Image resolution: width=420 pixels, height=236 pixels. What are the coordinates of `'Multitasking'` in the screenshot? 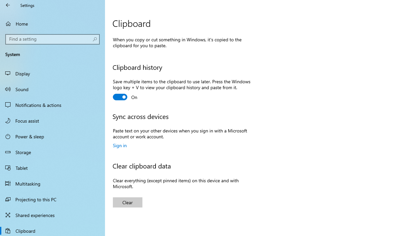 It's located at (52, 183).